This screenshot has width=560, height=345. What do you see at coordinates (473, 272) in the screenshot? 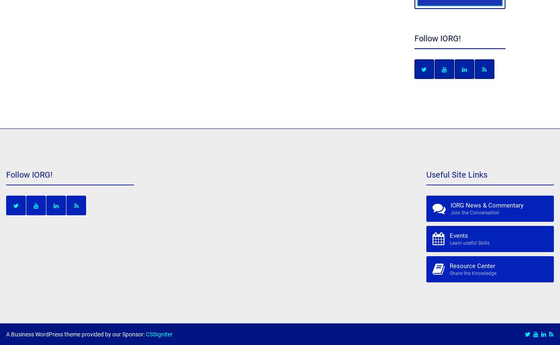
I see `'Share the Knowledge'` at bounding box center [473, 272].